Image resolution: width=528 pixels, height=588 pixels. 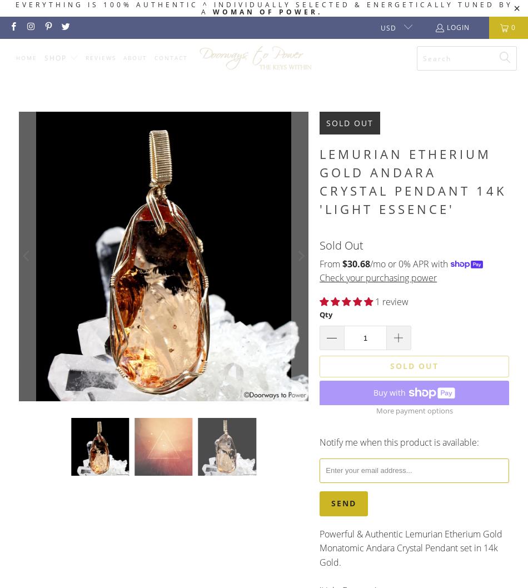 What do you see at coordinates (26, 57) in the screenshot?
I see `'Home'` at bounding box center [26, 57].